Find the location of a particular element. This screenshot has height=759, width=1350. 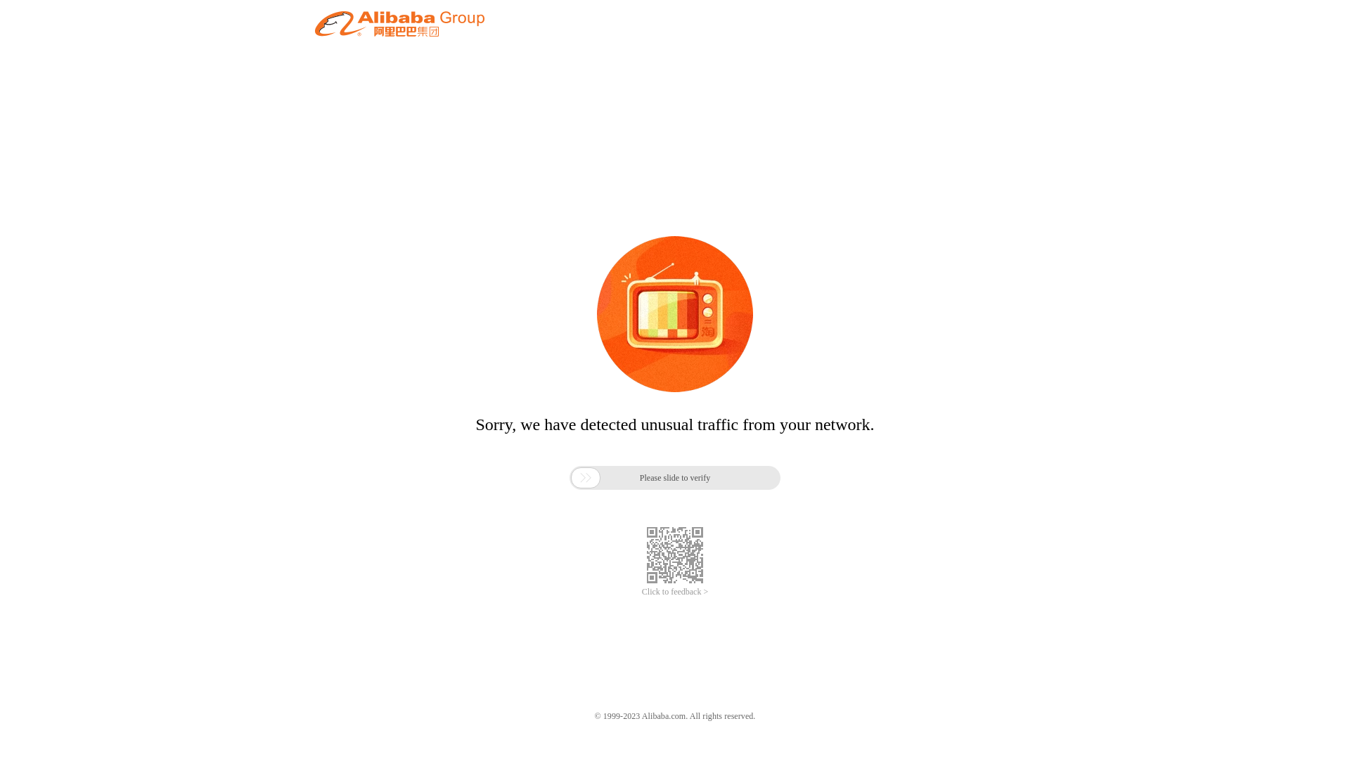

'Click to feedback >' is located at coordinates (675, 592).